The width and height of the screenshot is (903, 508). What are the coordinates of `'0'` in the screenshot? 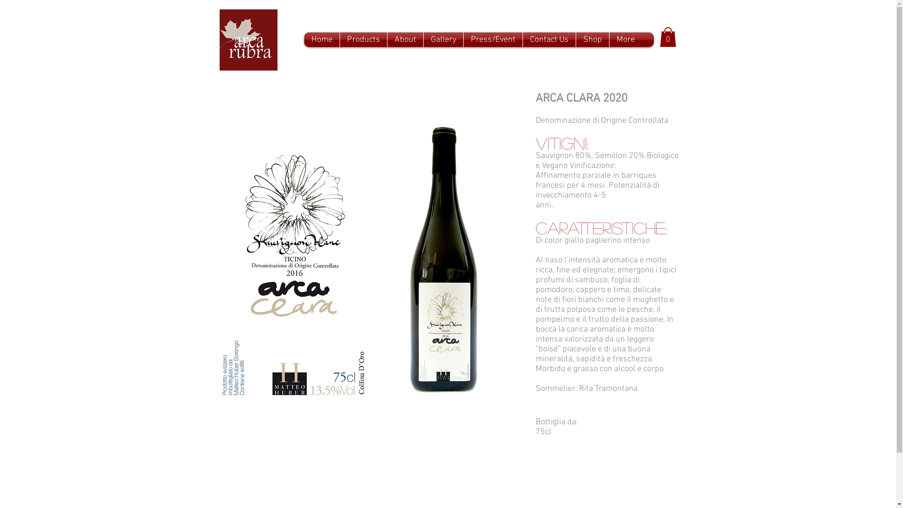 It's located at (667, 36).